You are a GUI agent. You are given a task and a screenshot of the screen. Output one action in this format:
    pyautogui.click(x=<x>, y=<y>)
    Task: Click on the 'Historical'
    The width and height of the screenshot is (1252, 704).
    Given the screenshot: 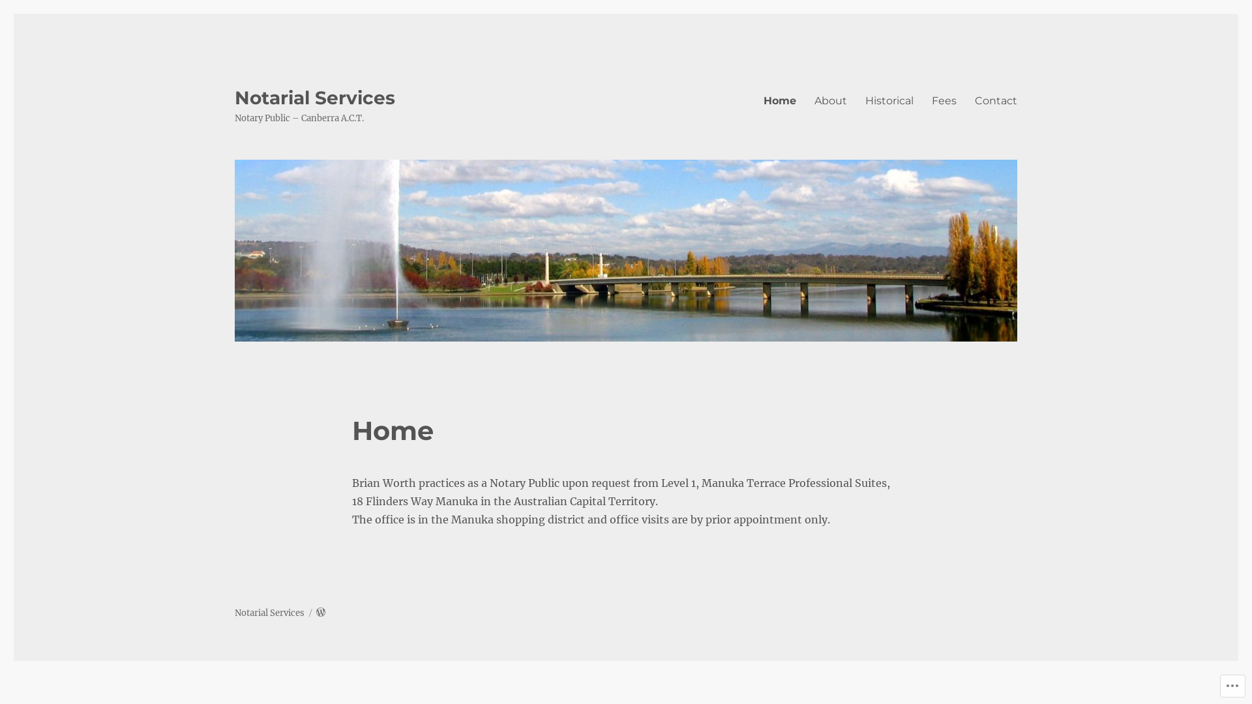 What is the action you would take?
    pyautogui.click(x=888, y=100)
    